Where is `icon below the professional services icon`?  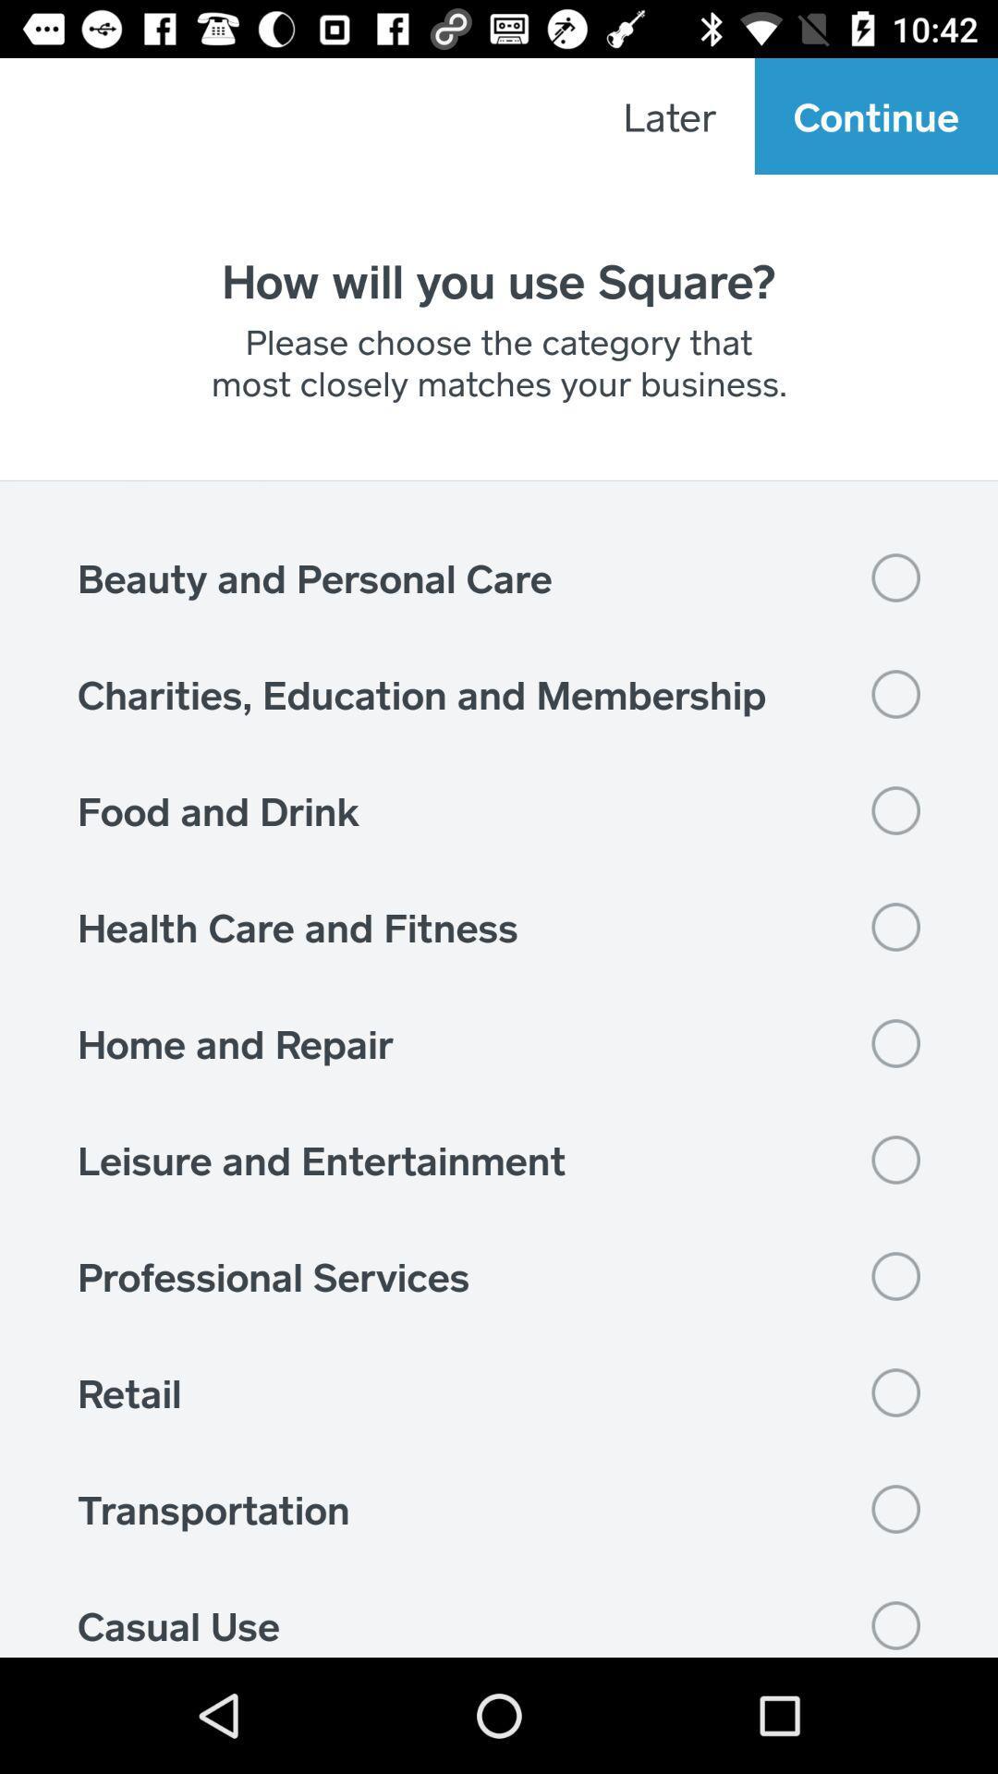
icon below the professional services icon is located at coordinates (499, 1392).